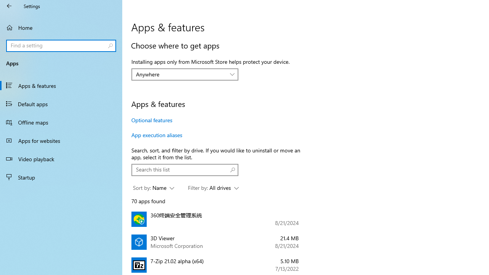  Describe the element at coordinates (9, 6) in the screenshot. I see `'Back'` at that location.